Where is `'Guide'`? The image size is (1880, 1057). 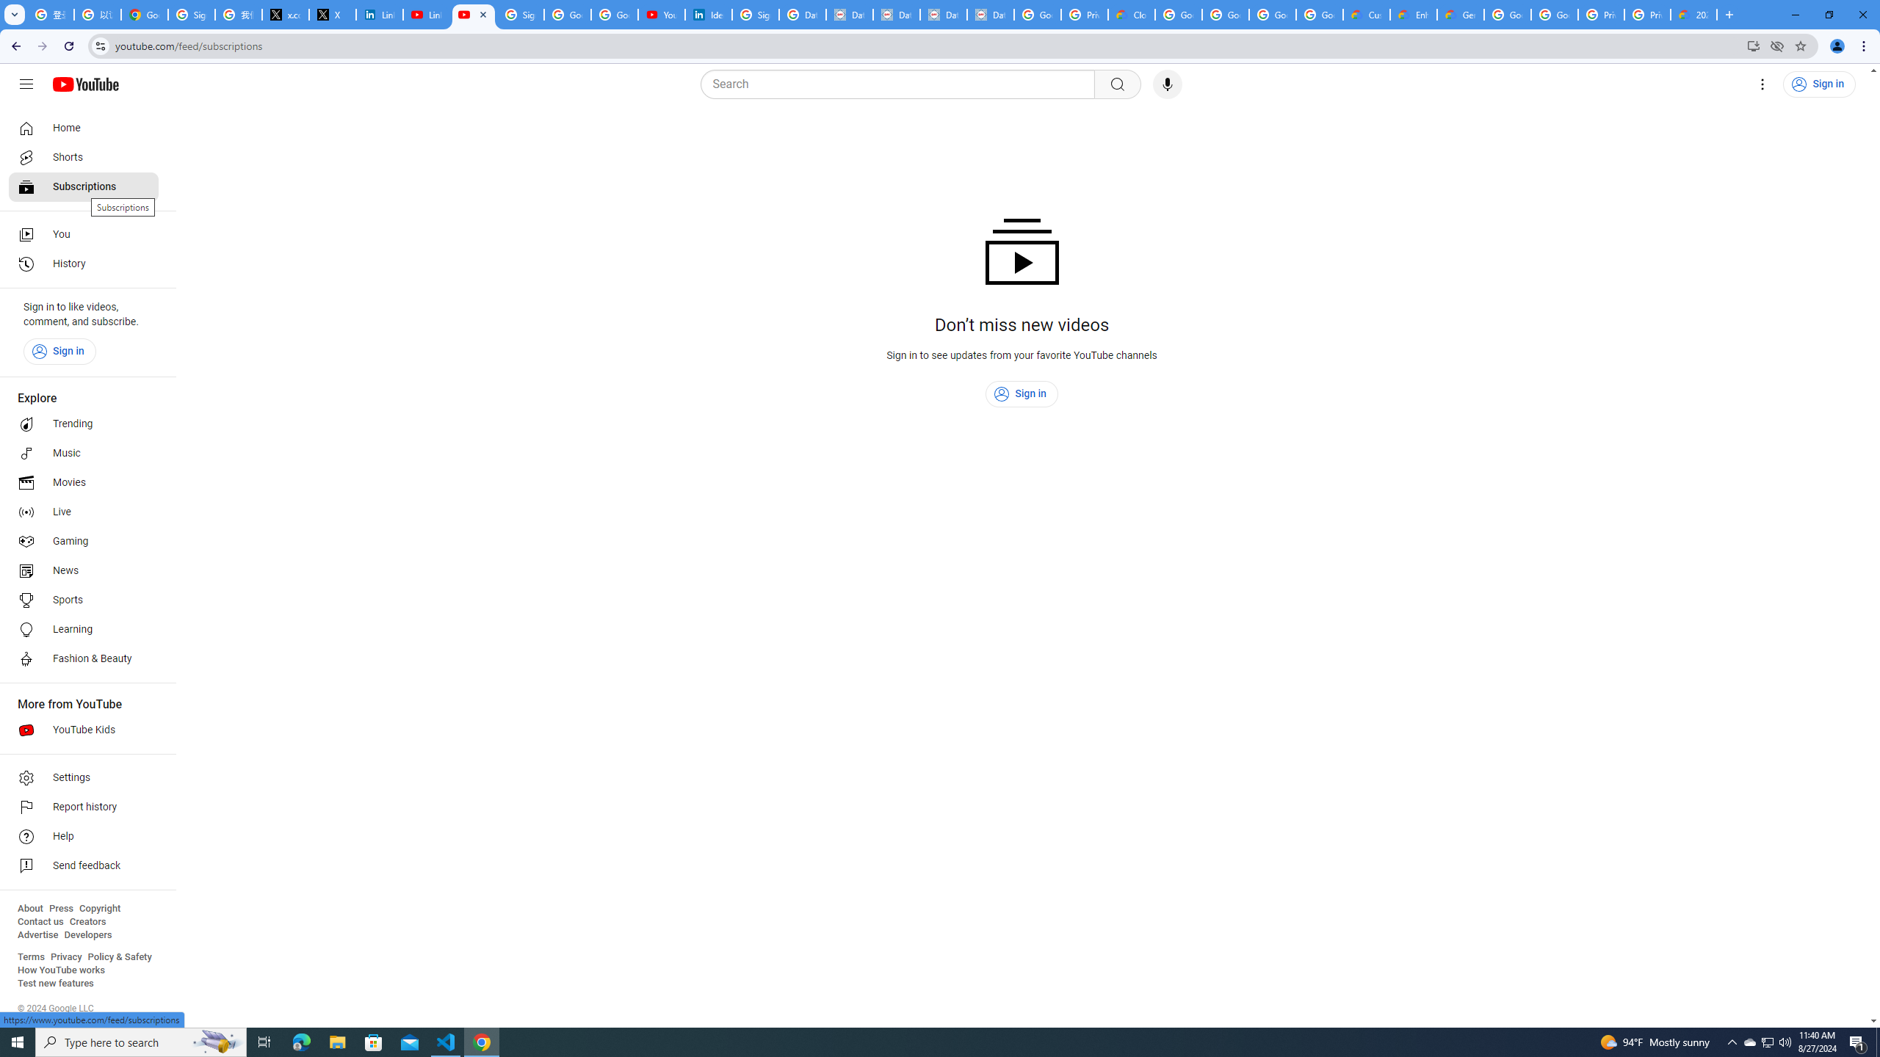
'Guide' is located at coordinates (25, 84).